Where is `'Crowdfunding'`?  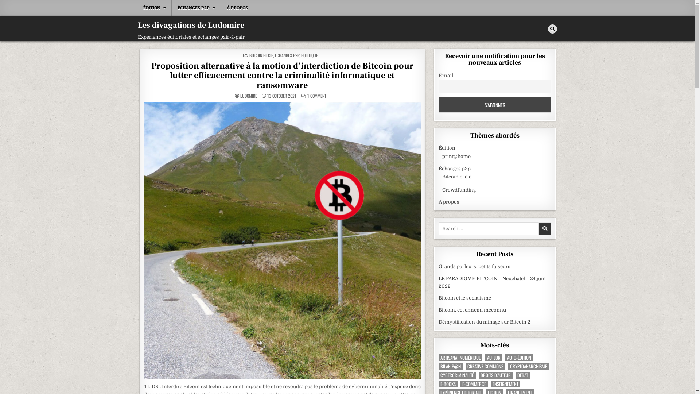
'Crowdfunding' is located at coordinates (458, 189).